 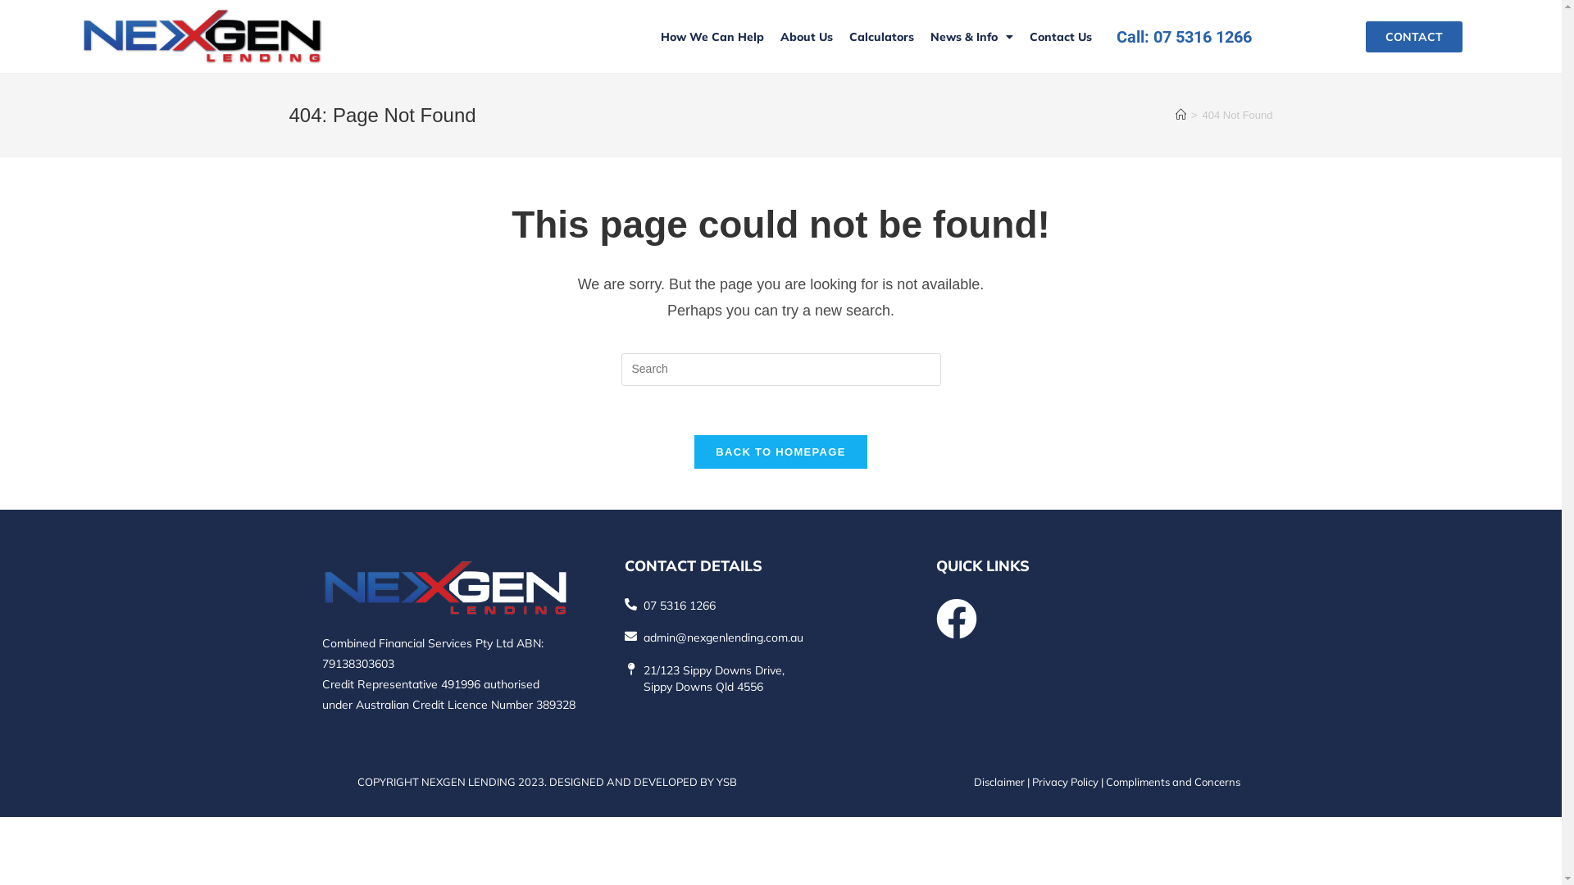 I want to click on 'BACK TO HOMEPAGE', so click(x=694, y=452).